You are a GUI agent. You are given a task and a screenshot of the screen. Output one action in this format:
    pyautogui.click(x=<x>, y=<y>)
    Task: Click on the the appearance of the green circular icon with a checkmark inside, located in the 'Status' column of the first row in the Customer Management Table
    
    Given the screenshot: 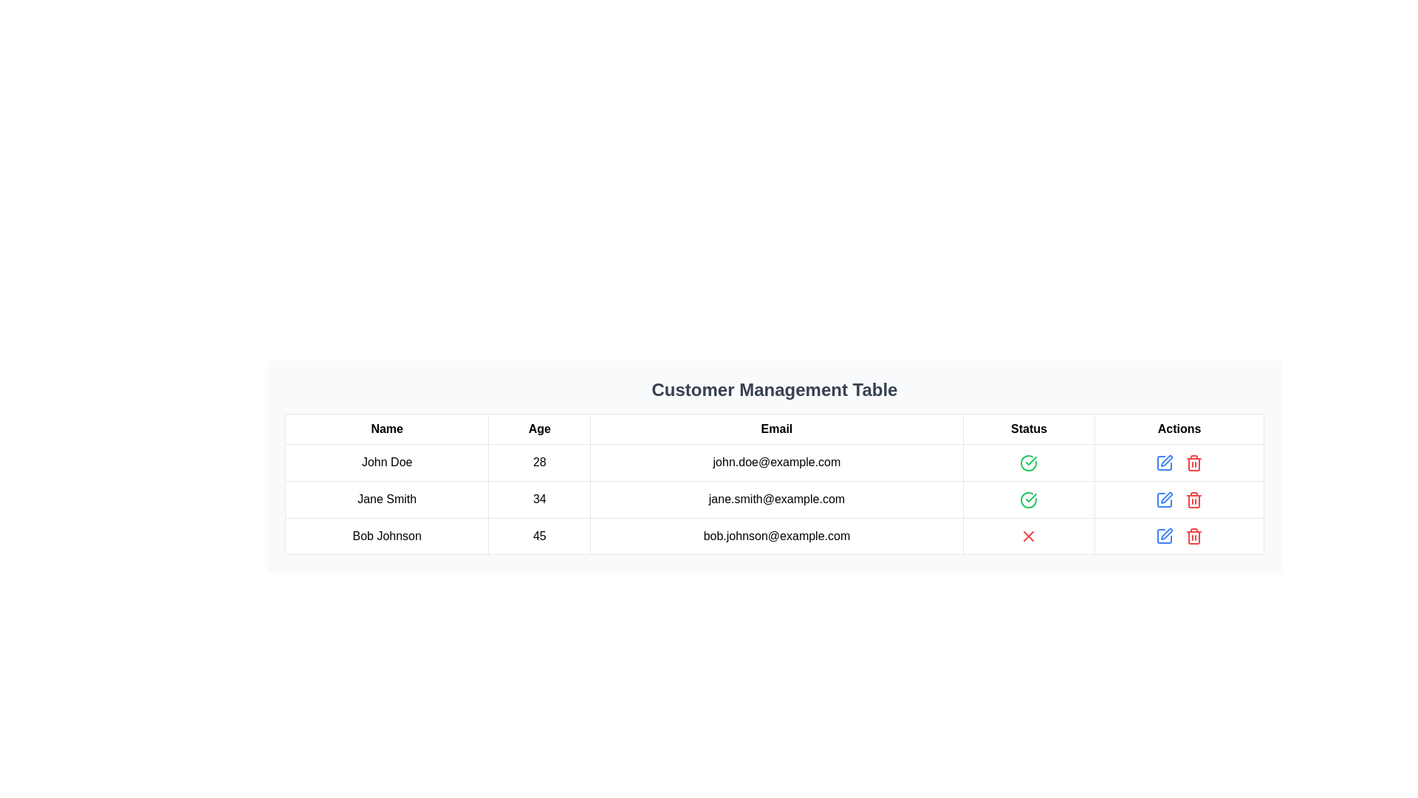 What is the action you would take?
    pyautogui.click(x=1028, y=462)
    